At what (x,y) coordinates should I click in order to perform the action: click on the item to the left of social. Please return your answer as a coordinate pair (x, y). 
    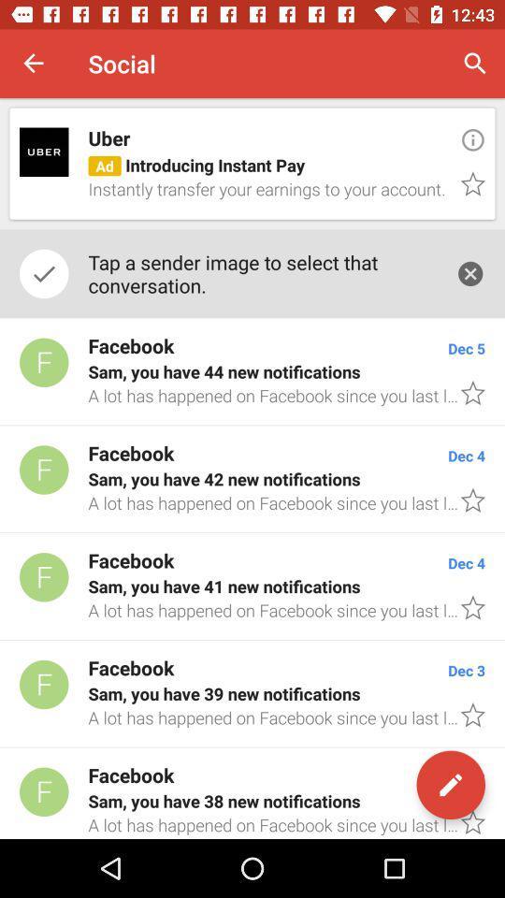
    Looking at the image, I should click on (34, 64).